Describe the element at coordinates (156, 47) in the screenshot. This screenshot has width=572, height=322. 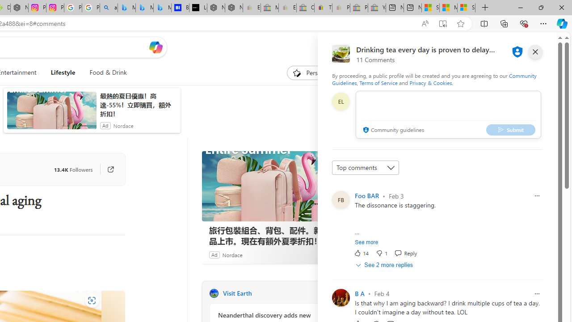
I see `'Open Copilot'` at that location.